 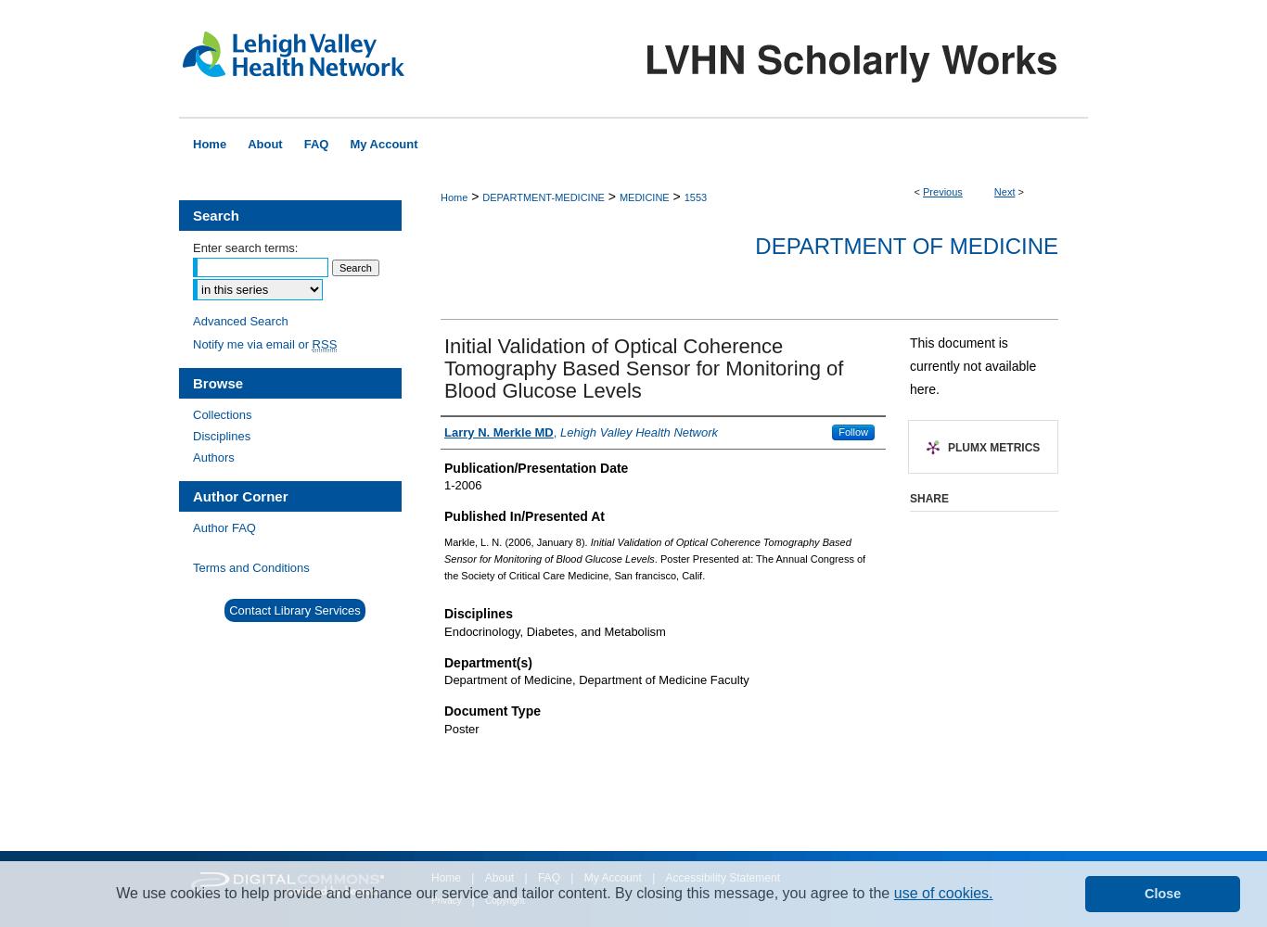 What do you see at coordinates (523, 516) in the screenshot?
I see `'Published In/Presented At'` at bounding box center [523, 516].